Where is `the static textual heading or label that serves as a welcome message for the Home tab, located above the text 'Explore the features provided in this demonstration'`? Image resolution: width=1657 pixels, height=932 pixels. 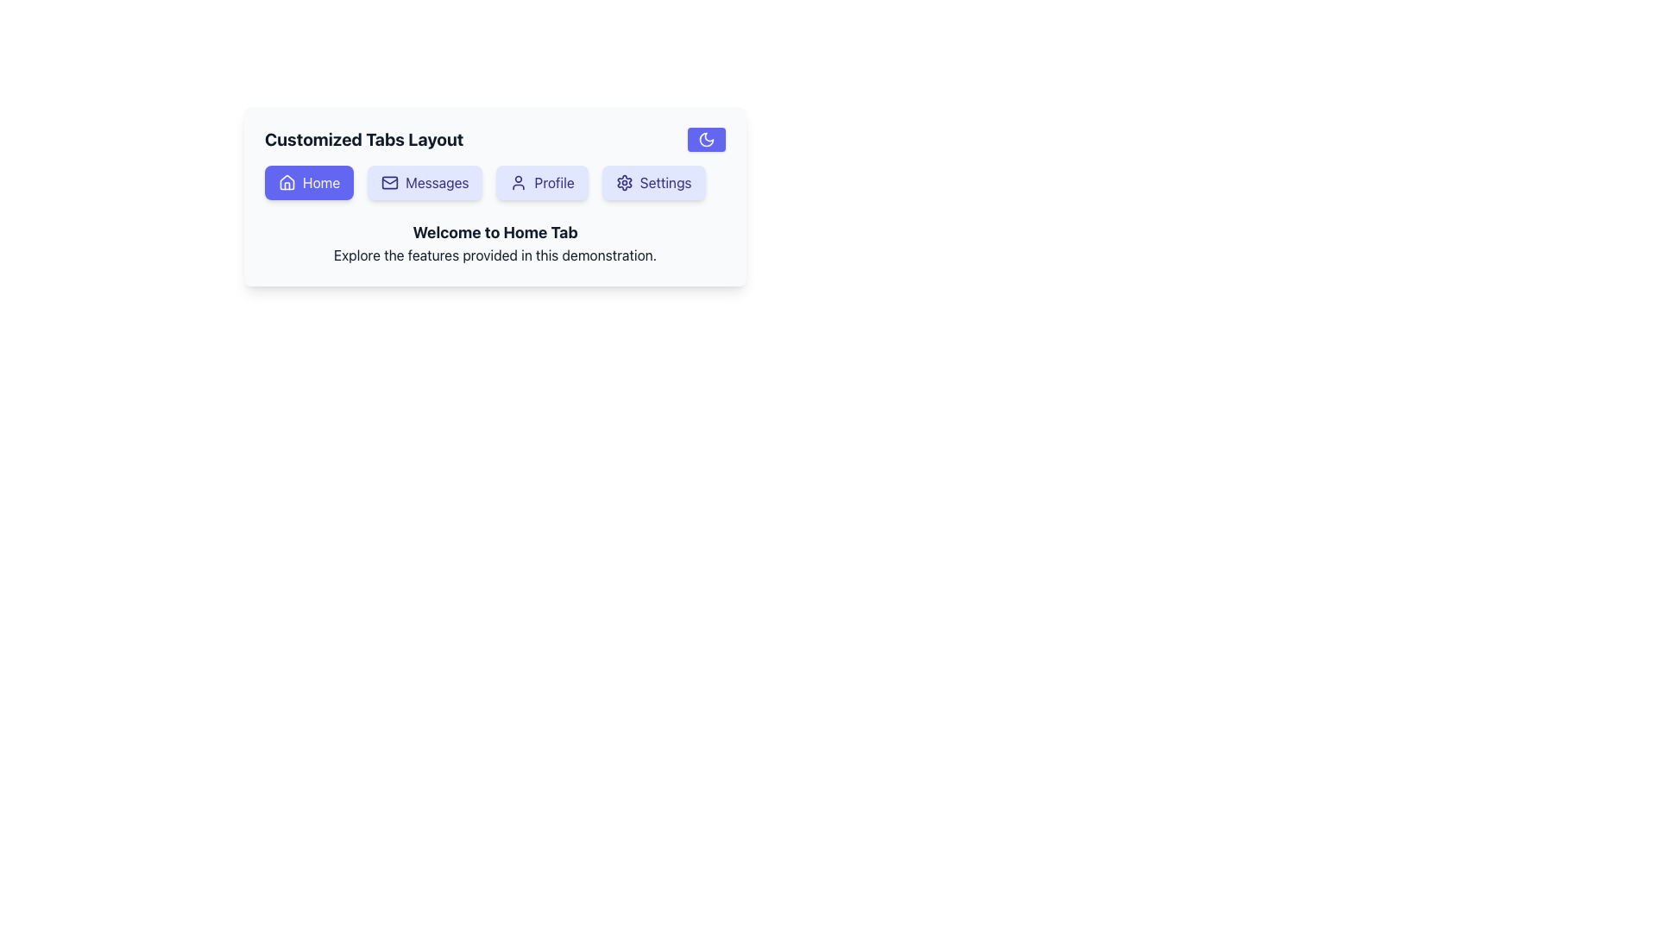 the static textual heading or label that serves as a welcome message for the Home tab, located above the text 'Explore the features provided in this demonstration' is located at coordinates (495, 233).